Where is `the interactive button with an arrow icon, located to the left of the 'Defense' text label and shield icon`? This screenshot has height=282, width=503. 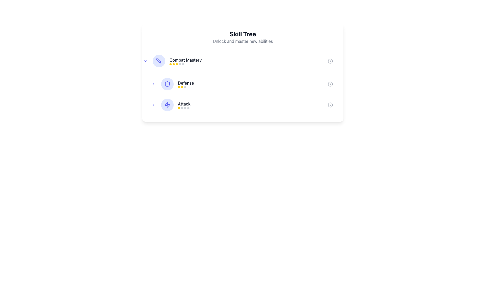
the interactive button with an arrow icon, located to the left of the 'Defense' text label and shield icon is located at coordinates (153, 84).